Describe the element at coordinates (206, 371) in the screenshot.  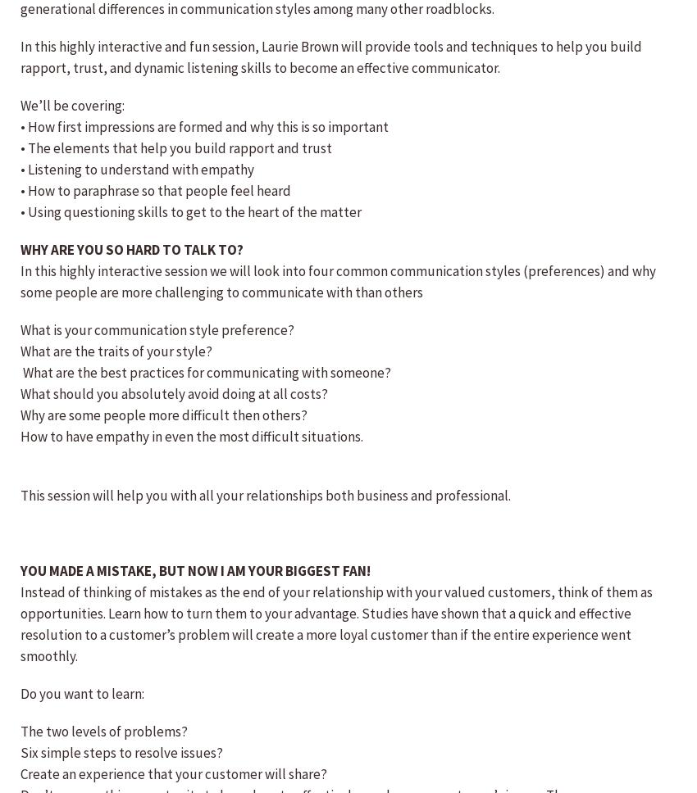
I see `'What are the best practices for communicating with someone?'` at that location.